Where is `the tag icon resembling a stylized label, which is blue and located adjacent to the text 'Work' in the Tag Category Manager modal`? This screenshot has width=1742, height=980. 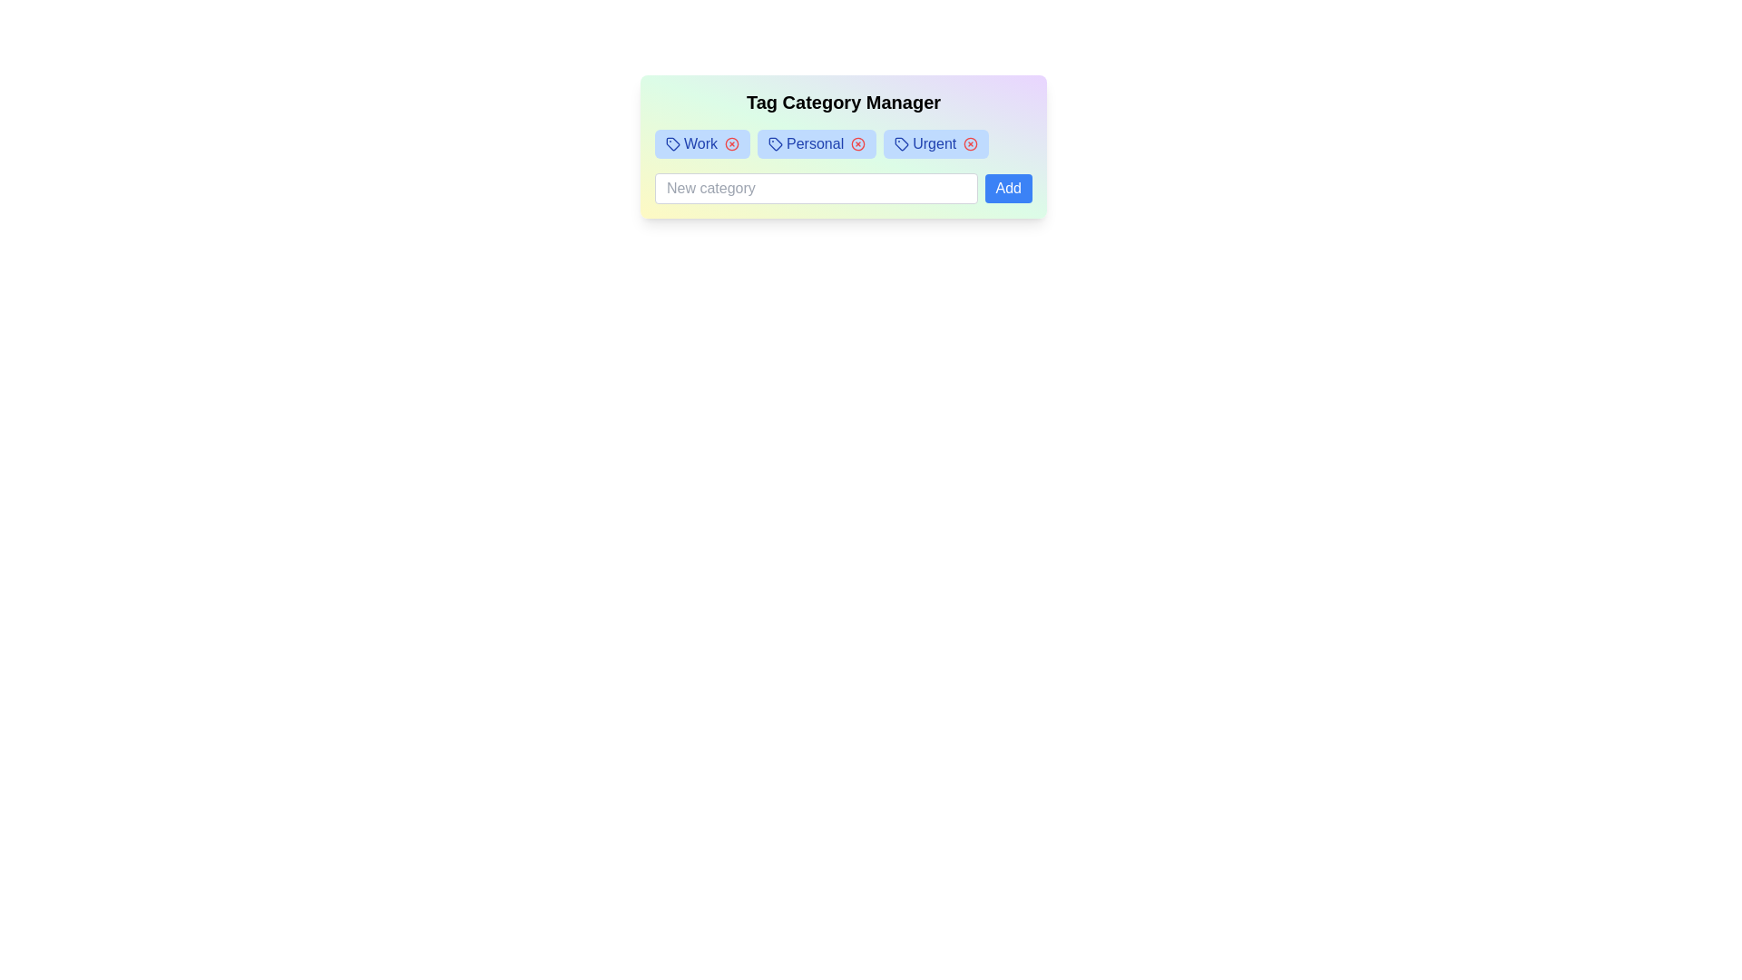
the tag icon resembling a stylized label, which is blue and located adjacent to the text 'Work' in the Tag Category Manager modal is located at coordinates (672, 142).